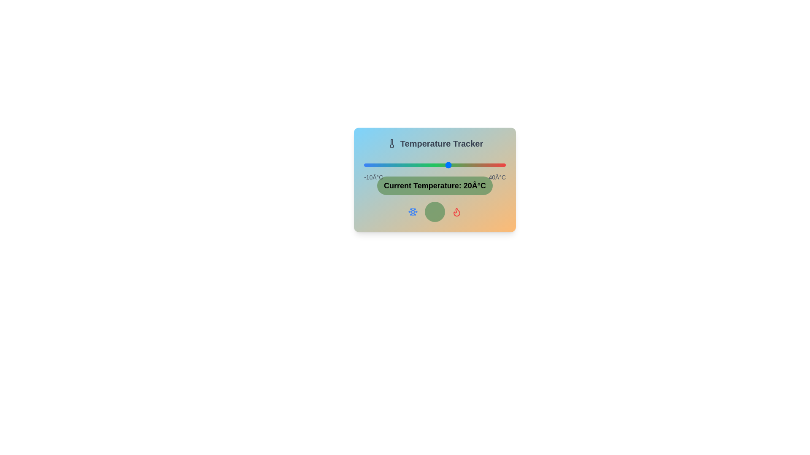 Image resolution: width=810 pixels, height=455 pixels. I want to click on the temperature slider to 37°C, so click(497, 165).